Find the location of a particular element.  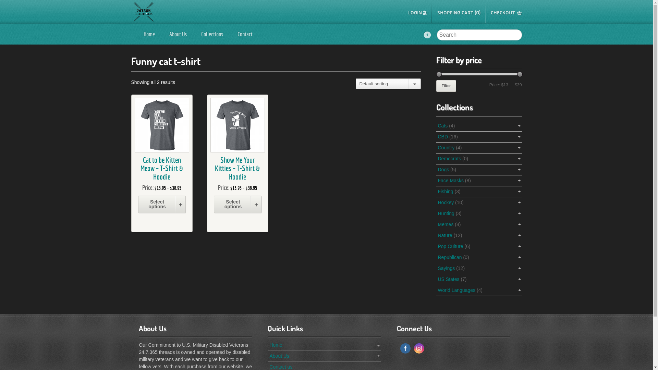

'f' is located at coordinates (427, 35).